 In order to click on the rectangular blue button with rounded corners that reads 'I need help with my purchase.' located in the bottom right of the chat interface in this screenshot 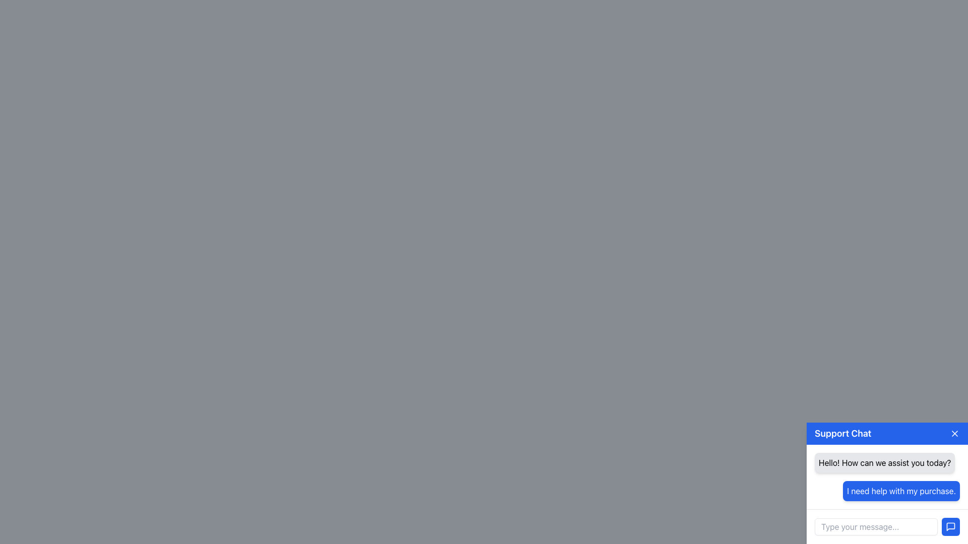, I will do `click(901, 491)`.